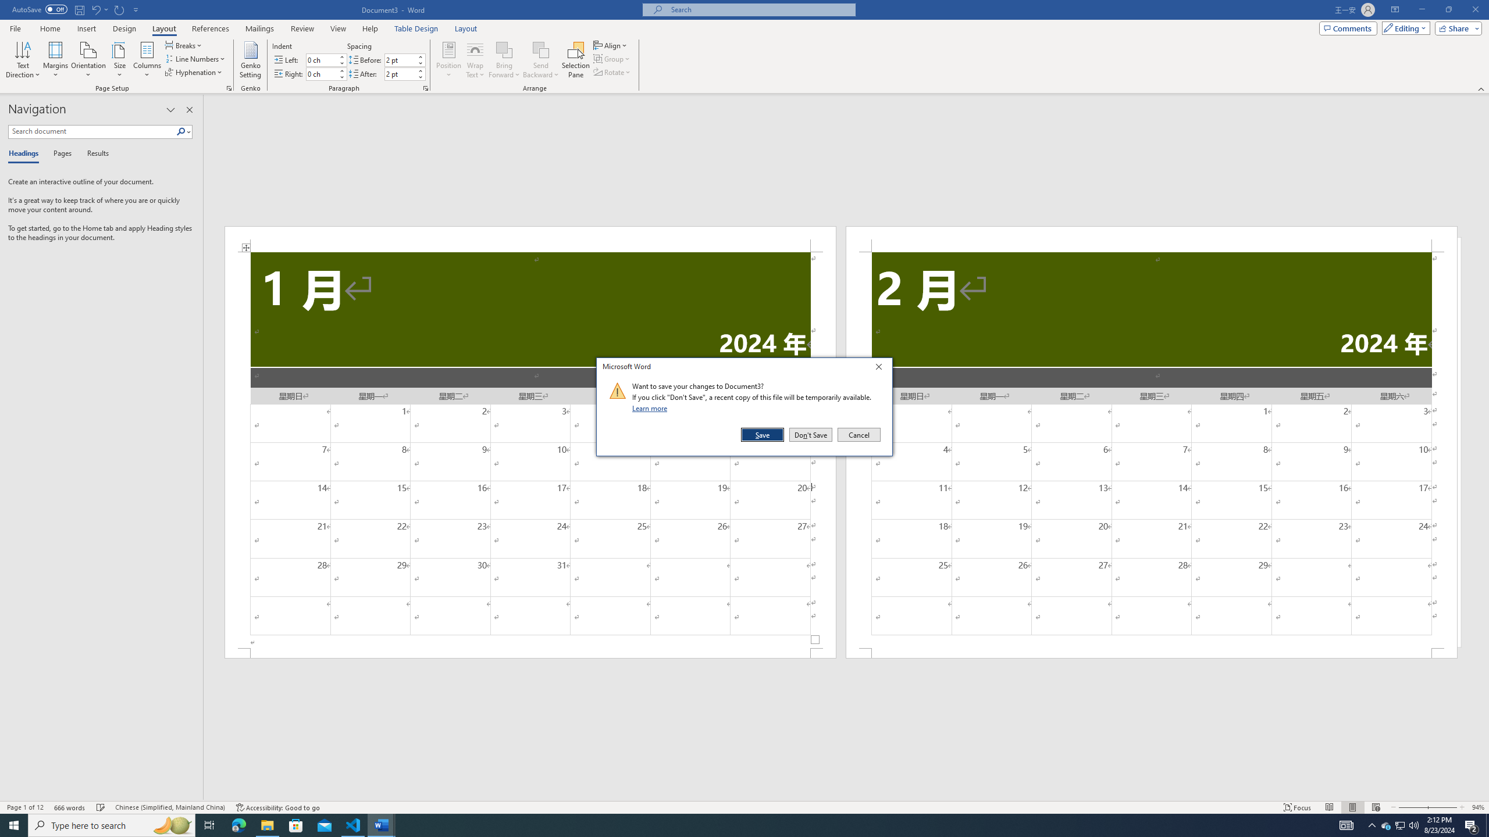  What do you see at coordinates (612, 58) in the screenshot?
I see `'Group'` at bounding box center [612, 58].